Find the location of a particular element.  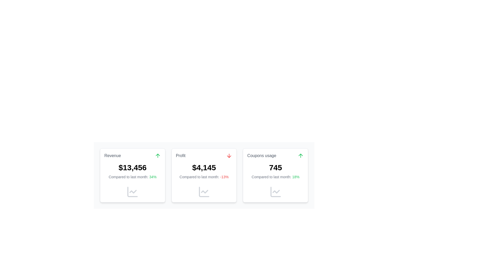

the icon representing data trends located at the bottom of the 'Revenue' card, below the text '$13,456' and 'Compared to last month: 34%' is located at coordinates (133, 192).